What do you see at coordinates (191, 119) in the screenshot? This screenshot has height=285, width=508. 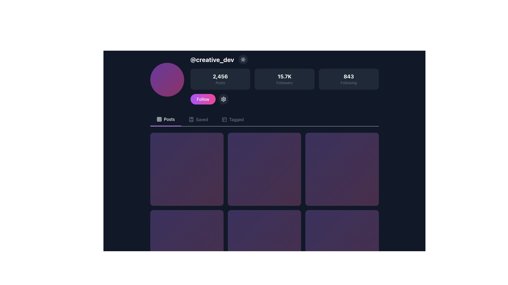 I see `the 'Saved' icon in the navigation menu` at bounding box center [191, 119].